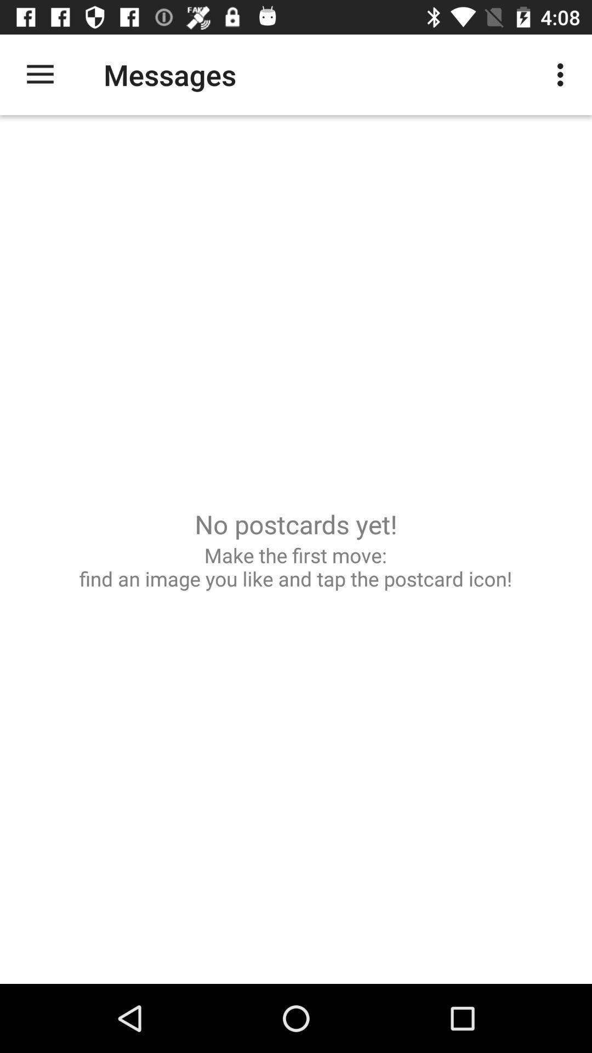 Image resolution: width=592 pixels, height=1053 pixels. I want to click on the item at the top right corner, so click(563, 74).